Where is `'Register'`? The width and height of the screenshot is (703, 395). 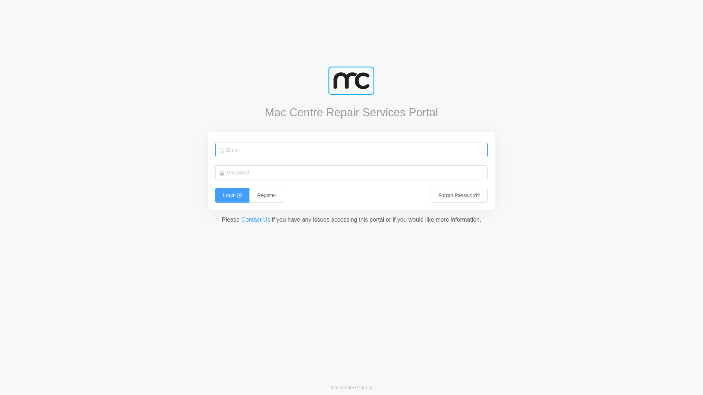
'Register' is located at coordinates (246, 195).